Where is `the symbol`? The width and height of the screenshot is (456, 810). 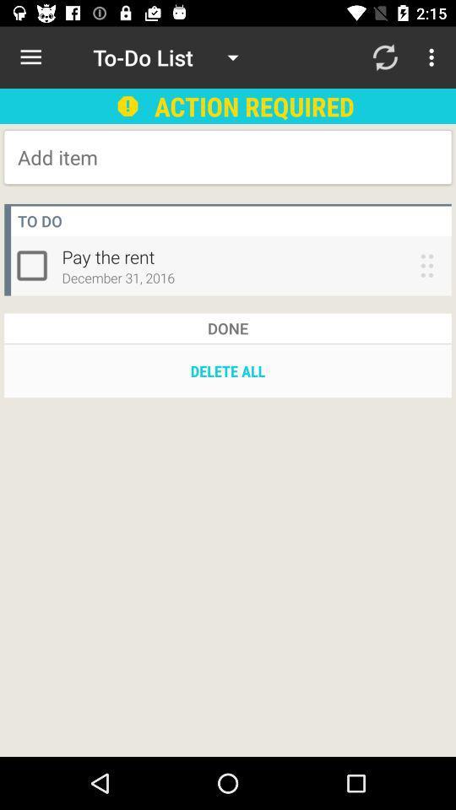 the symbol is located at coordinates (35, 265).